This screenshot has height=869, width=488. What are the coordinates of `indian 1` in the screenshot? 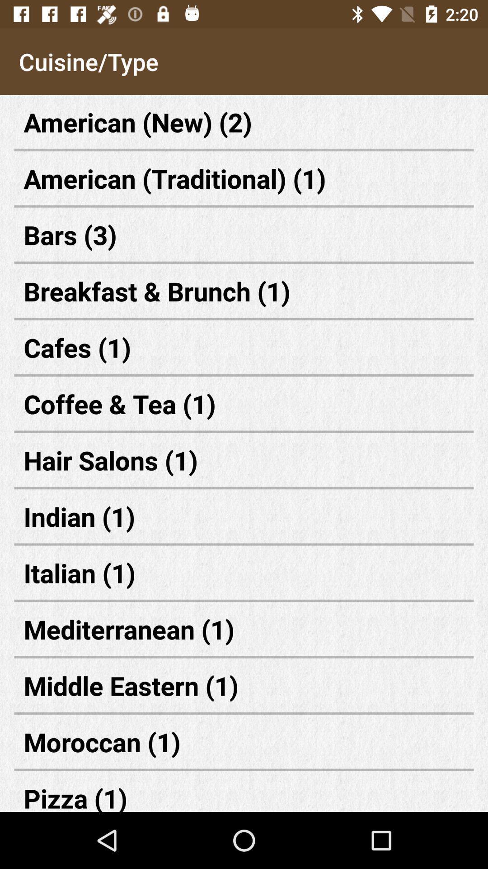 It's located at (244, 516).